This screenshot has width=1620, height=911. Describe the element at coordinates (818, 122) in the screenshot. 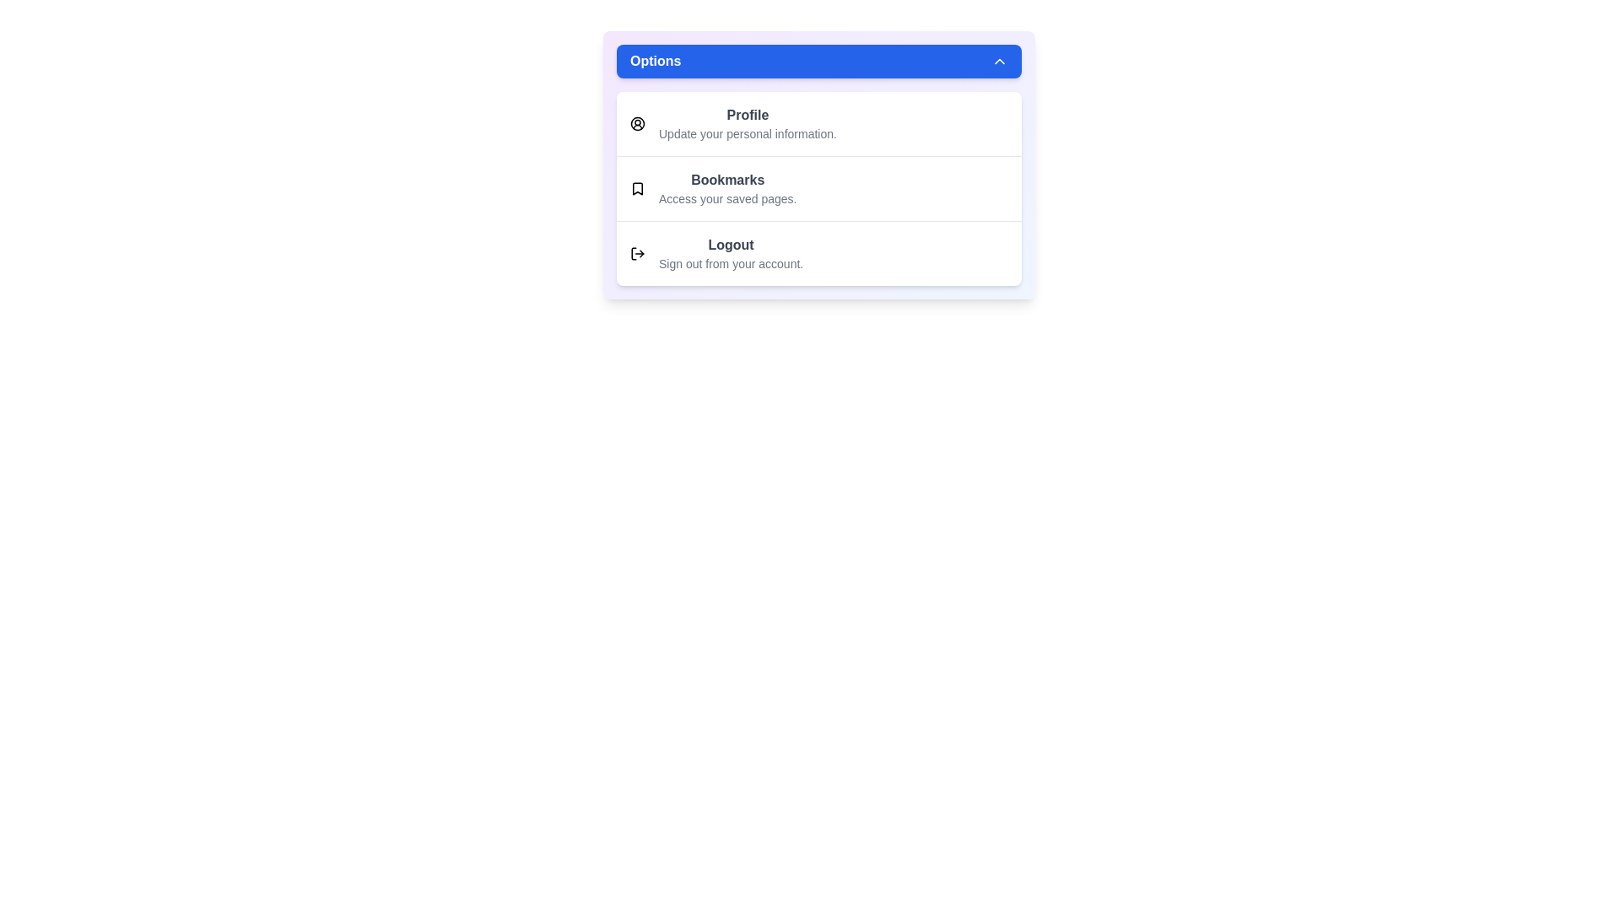

I see `the menu option Profile by clicking on it` at that location.